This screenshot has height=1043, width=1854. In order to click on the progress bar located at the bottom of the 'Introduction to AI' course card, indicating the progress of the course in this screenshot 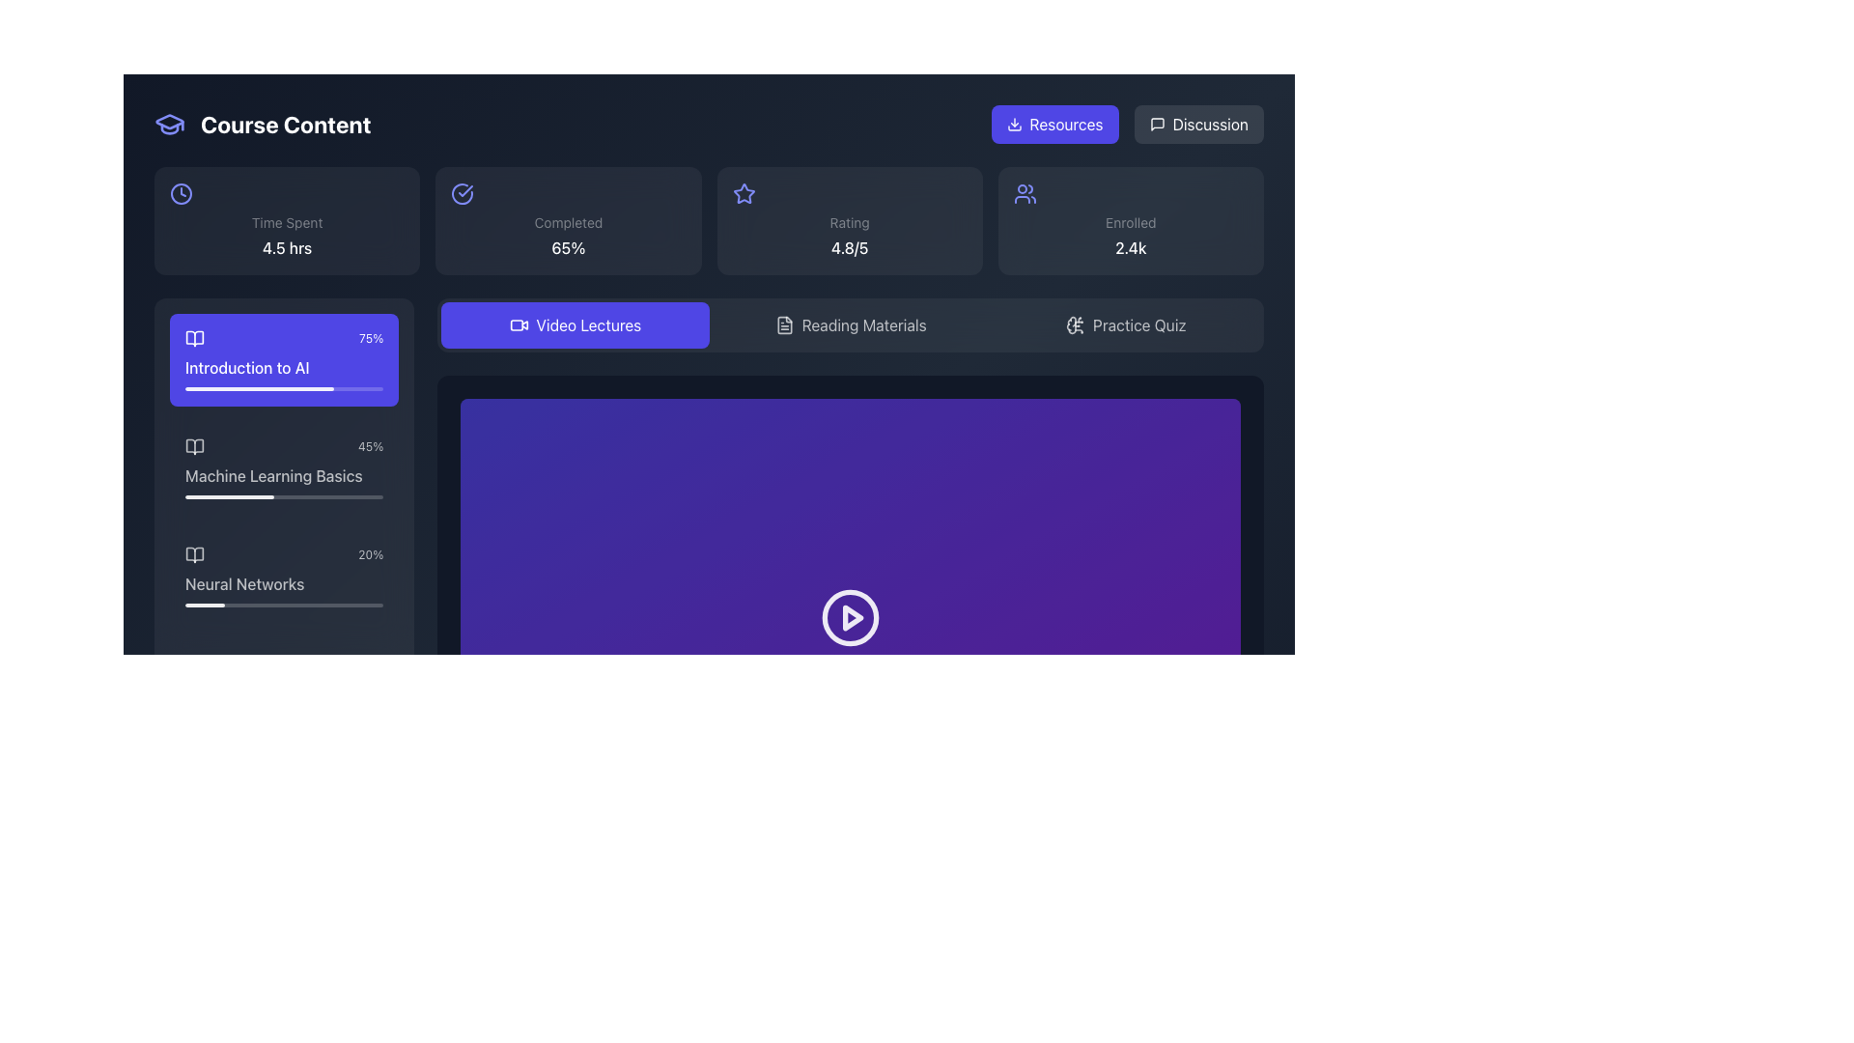, I will do `click(283, 388)`.